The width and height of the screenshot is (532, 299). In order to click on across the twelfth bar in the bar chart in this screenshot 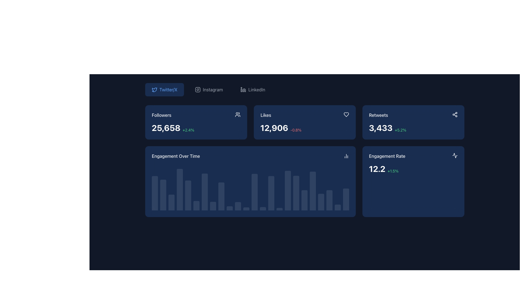, I will do `click(246, 209)`.